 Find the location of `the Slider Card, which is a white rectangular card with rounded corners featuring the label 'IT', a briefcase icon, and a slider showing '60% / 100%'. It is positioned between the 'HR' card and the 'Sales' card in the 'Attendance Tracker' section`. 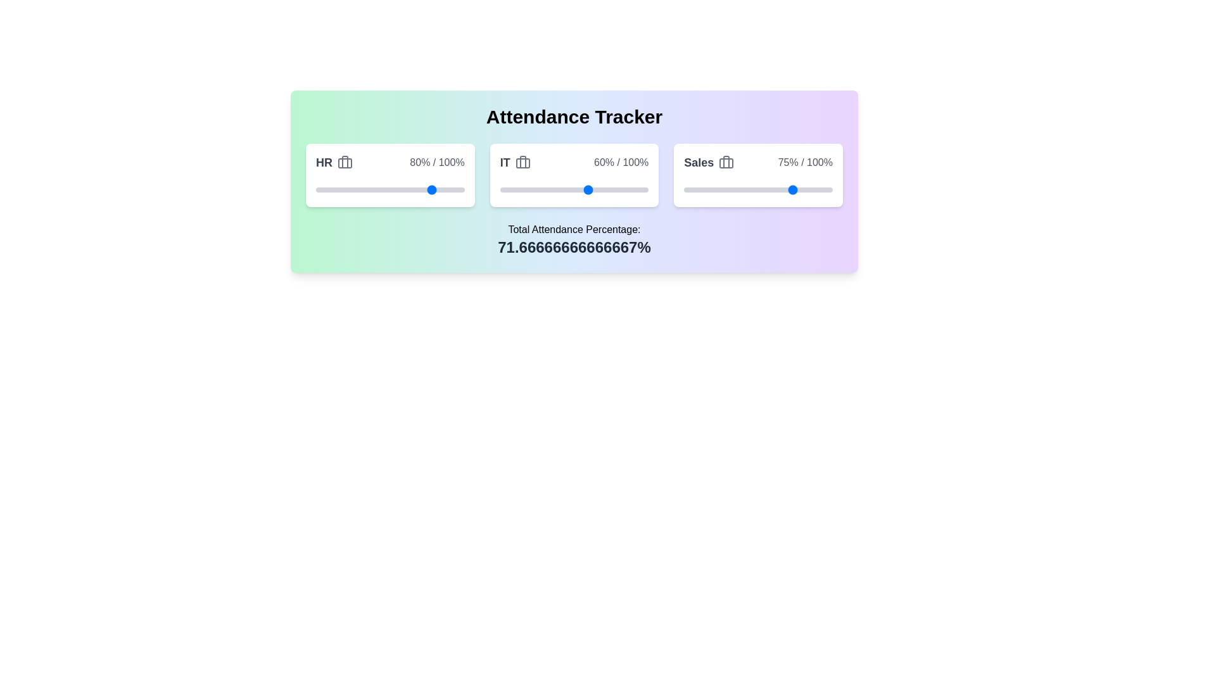

the Slider Card, which is a white rectangular card with rounded corners featuring the label 'IT', a briefcase icon, and a slider showing '60% / 100%'. It is positioned between the 'HR' card and the 'Sales' card in the 'Attendance Tracker' section is located at coordinates (574, 175).